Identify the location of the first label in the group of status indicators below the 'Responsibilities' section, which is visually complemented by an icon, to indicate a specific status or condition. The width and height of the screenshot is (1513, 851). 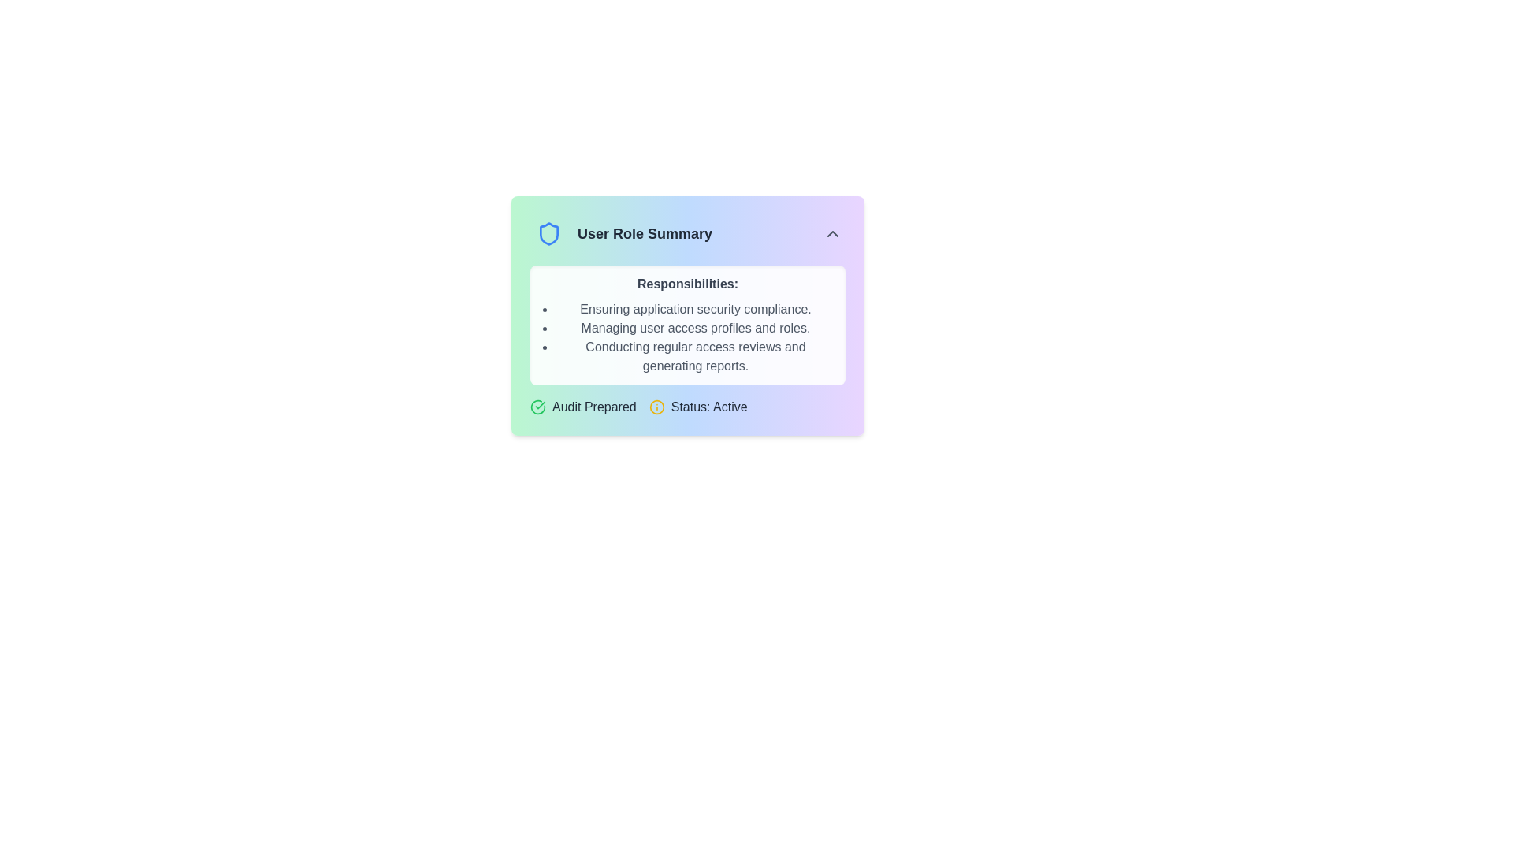
(582, 406).